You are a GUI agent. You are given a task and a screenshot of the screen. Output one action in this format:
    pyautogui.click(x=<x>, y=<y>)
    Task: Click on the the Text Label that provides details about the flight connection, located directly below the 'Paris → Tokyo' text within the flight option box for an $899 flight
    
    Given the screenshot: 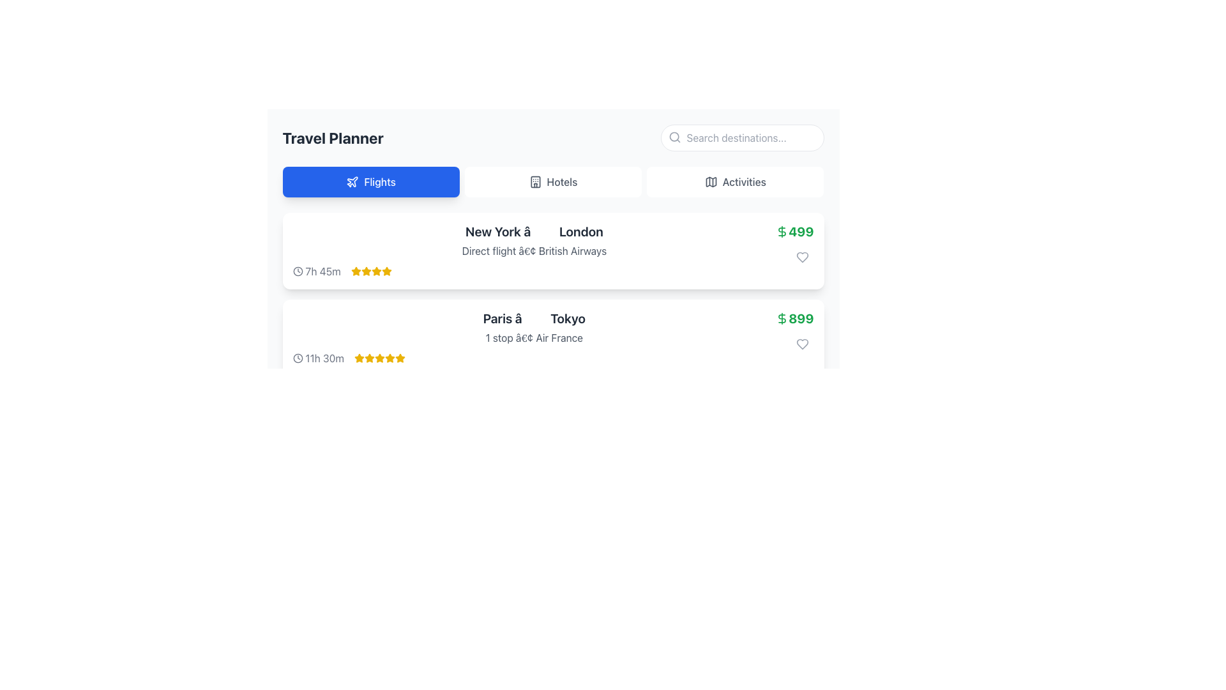 What is the action you would take?
    pyautogui.click(x=534, y=337)
    